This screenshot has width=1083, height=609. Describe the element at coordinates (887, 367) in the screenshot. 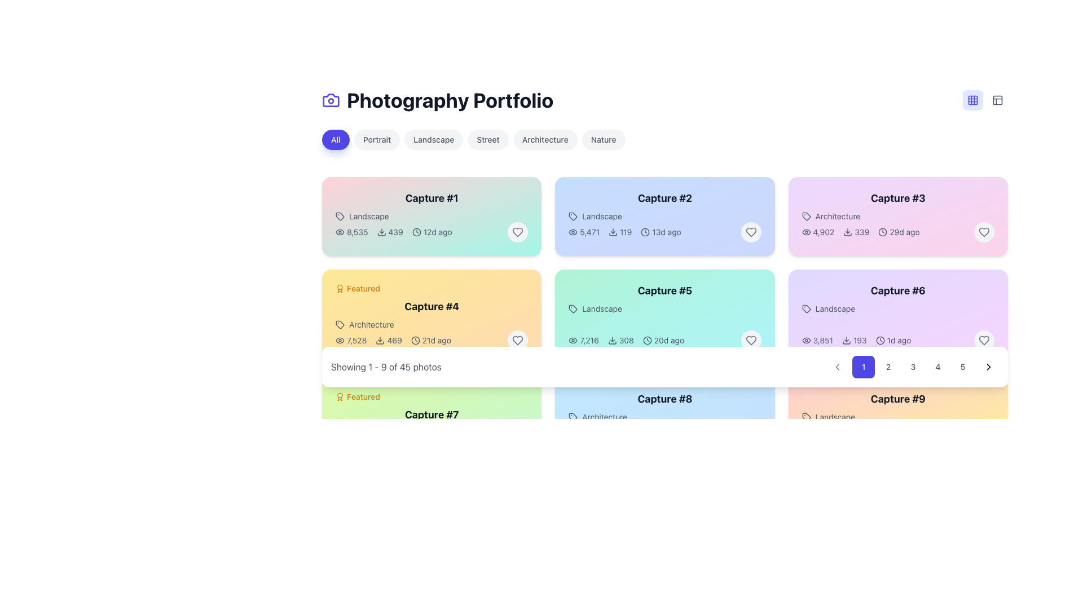

I see `the rounded square button labeled '2'` at that location.